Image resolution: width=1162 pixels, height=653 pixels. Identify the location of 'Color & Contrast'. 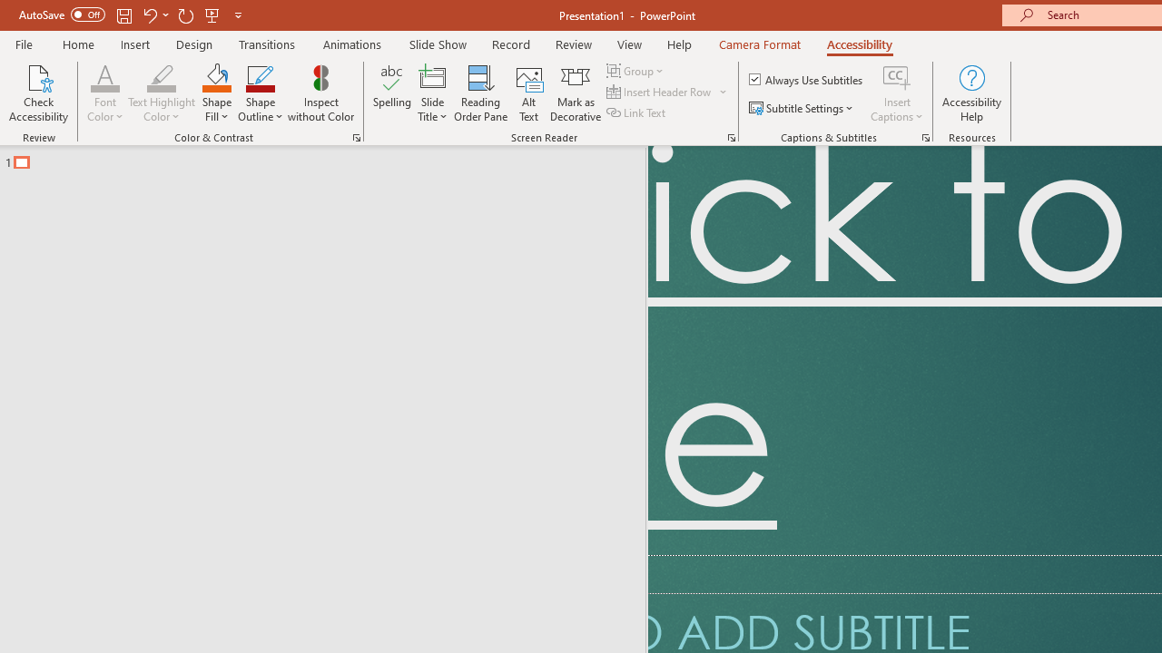
(356, 136).